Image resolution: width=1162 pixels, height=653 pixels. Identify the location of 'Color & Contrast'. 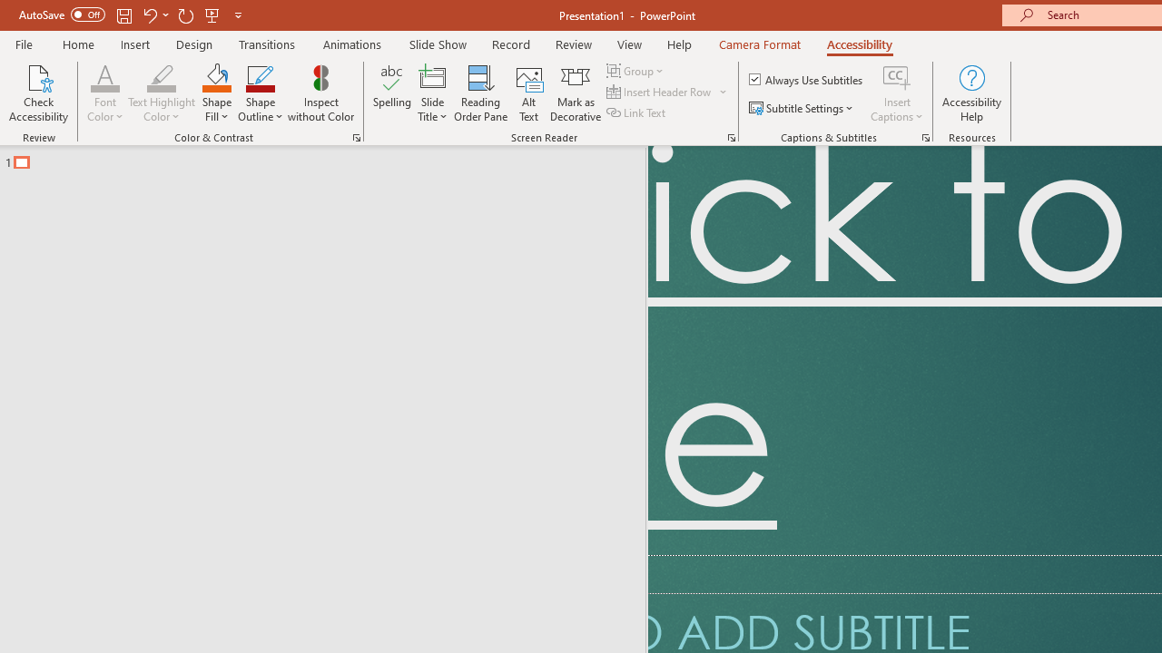
(356, 136).